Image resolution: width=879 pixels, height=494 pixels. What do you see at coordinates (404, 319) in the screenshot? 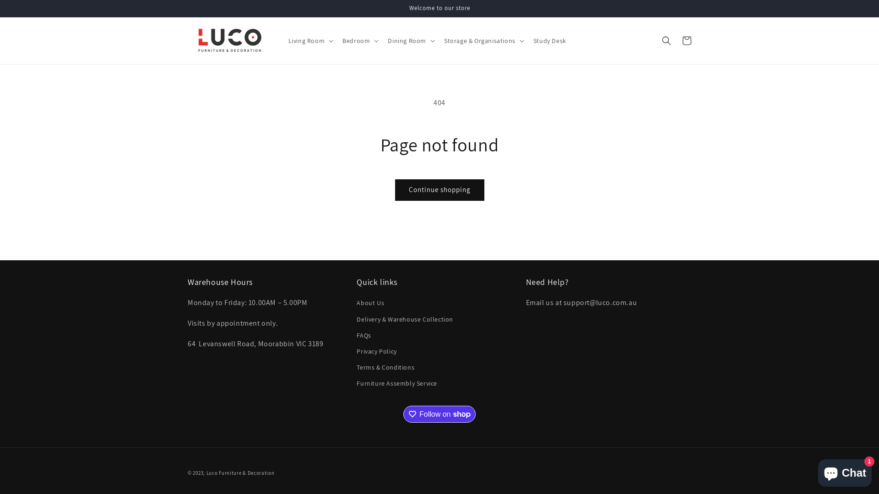
I see `'Delivery & Warehouse Collection'` at bounding box center [404, 319].